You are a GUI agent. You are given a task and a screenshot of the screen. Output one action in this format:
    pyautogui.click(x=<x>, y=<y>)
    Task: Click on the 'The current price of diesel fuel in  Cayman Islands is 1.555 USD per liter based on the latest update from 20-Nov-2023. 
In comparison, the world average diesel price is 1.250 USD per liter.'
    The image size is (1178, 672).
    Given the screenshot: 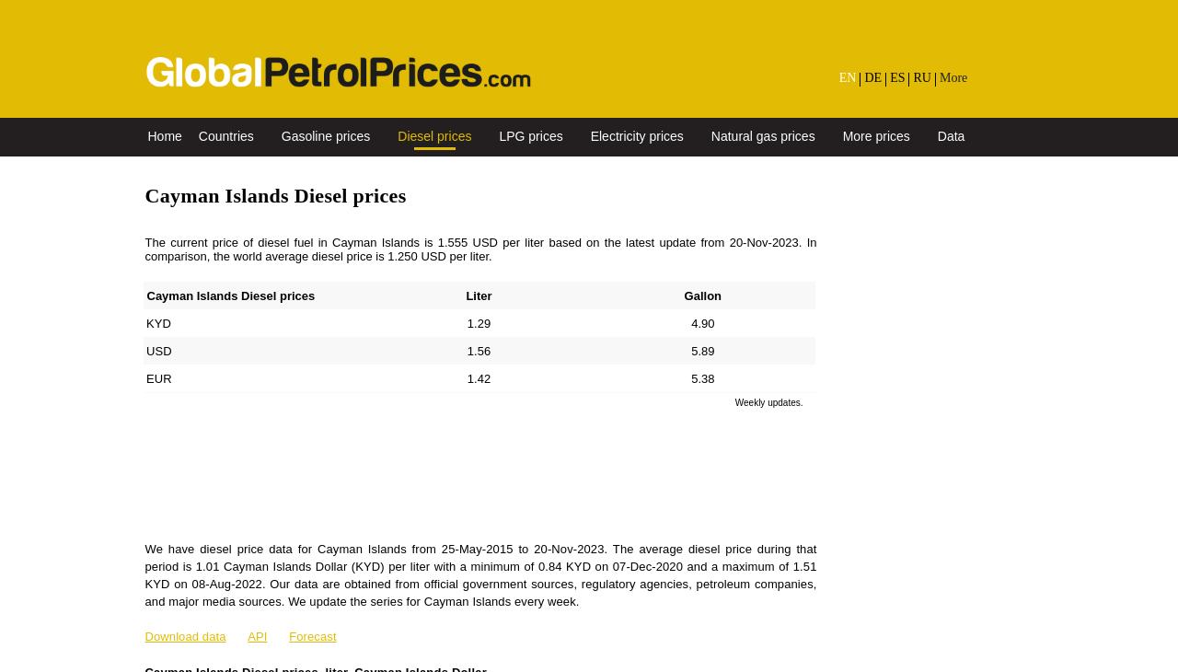 What is the action you would take?
    pyautogui.click(x=479, y=249)
    